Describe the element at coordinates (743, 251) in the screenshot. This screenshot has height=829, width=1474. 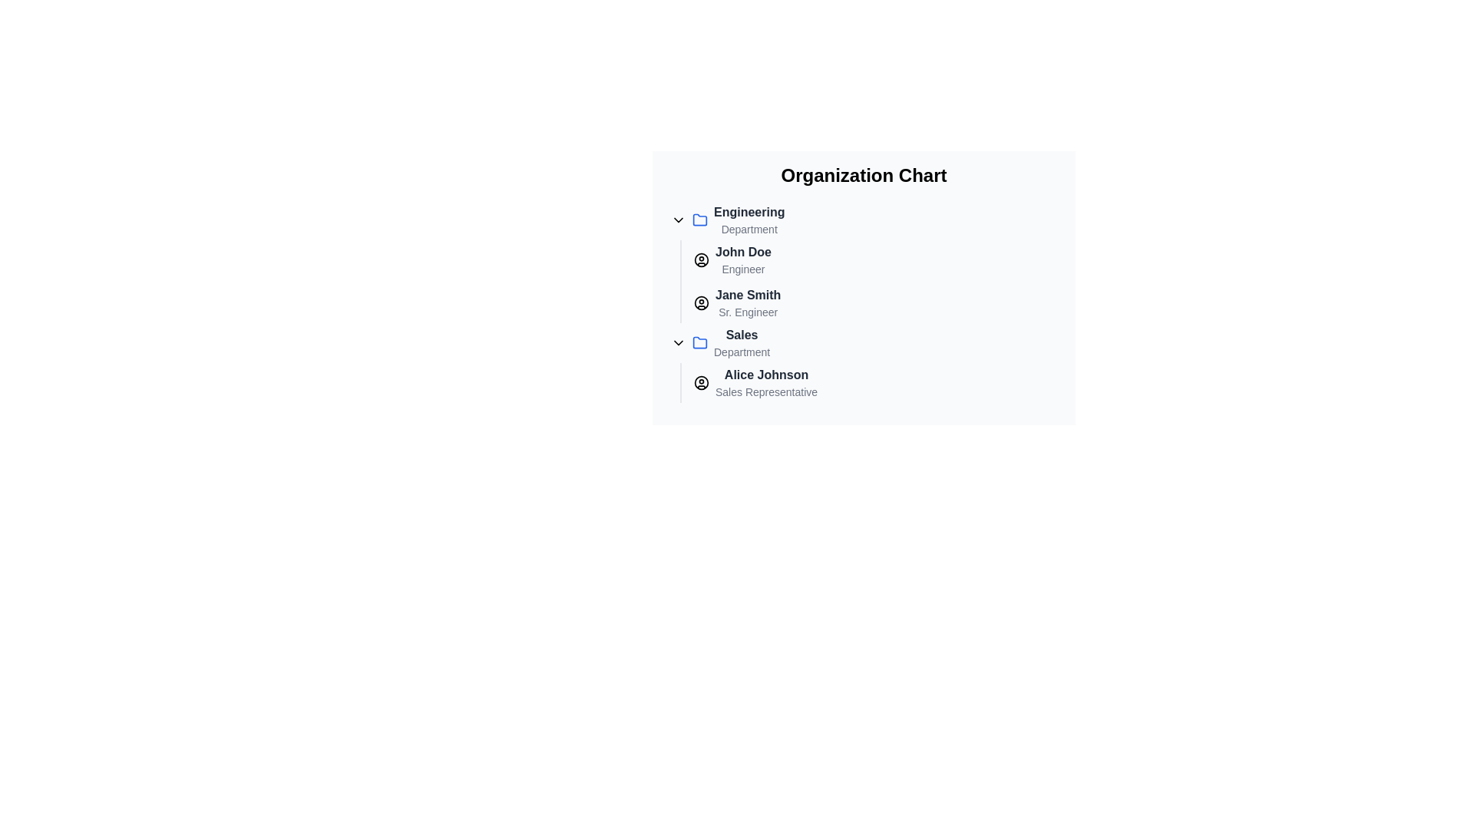
I see `text label that displays 'John Doe', which is styled in bold sans-serif font and is part of the organizational chart under the Engineering department` at that location.